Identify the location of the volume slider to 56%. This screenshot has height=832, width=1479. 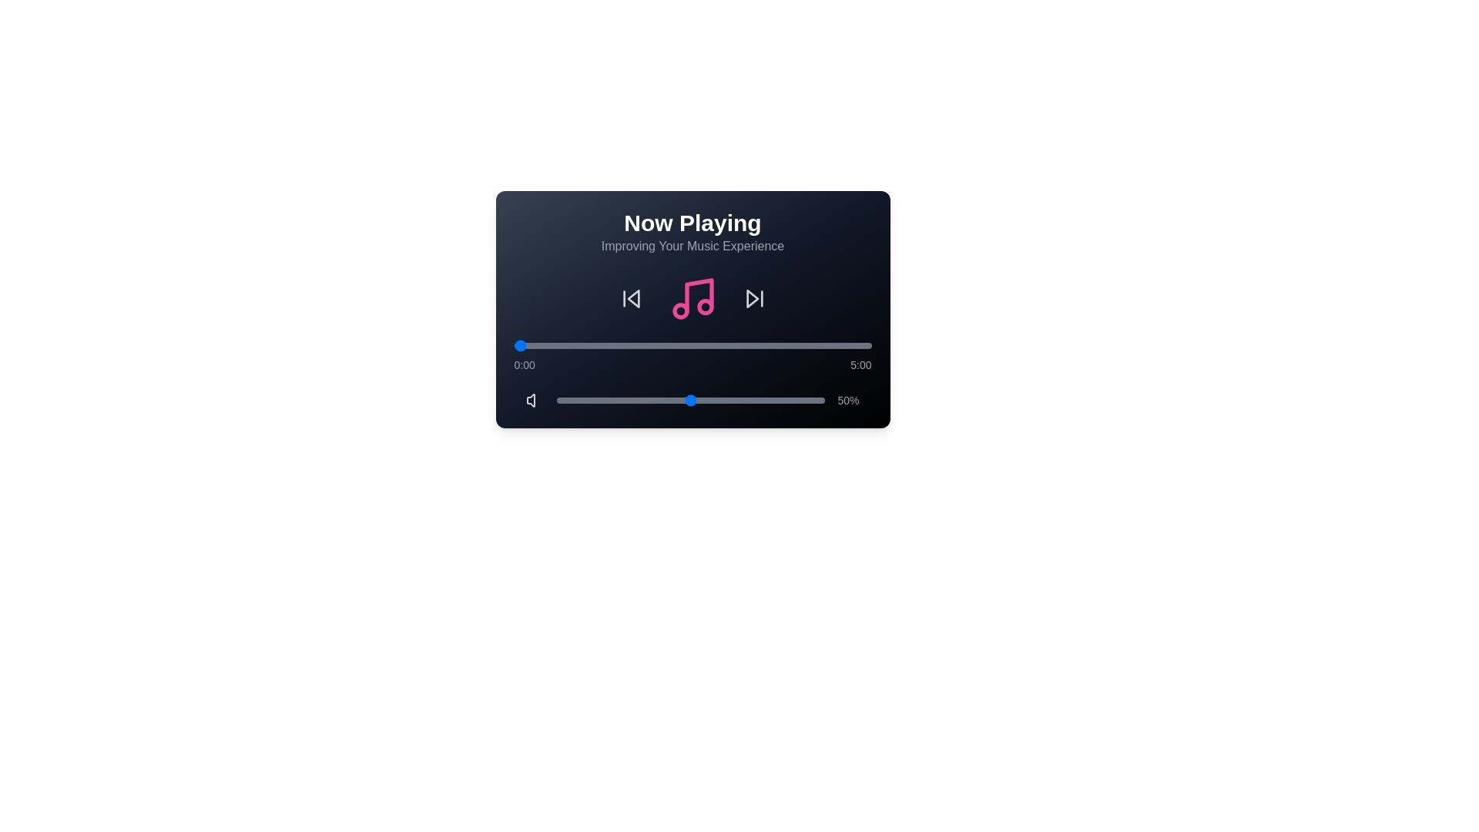
(706, 400).